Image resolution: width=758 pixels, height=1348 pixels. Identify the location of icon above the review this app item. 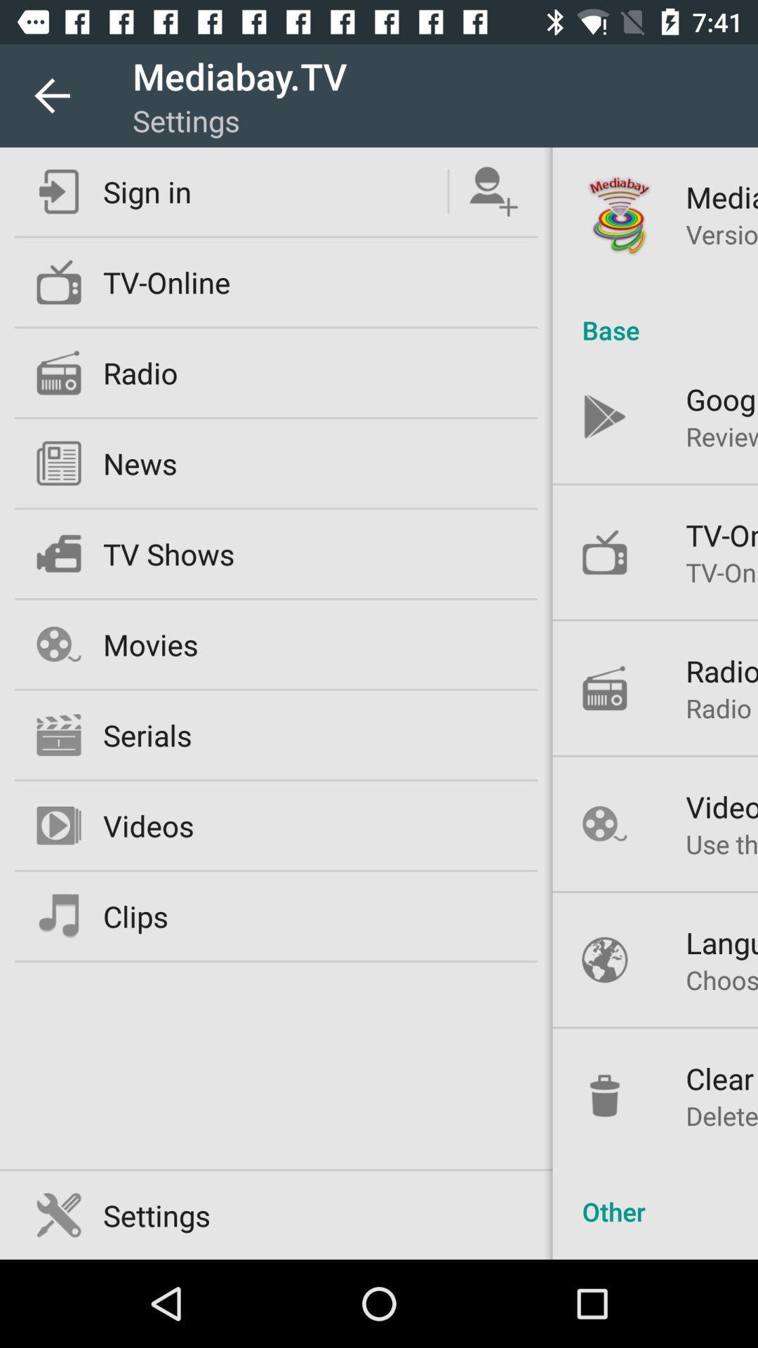
(722, 398).